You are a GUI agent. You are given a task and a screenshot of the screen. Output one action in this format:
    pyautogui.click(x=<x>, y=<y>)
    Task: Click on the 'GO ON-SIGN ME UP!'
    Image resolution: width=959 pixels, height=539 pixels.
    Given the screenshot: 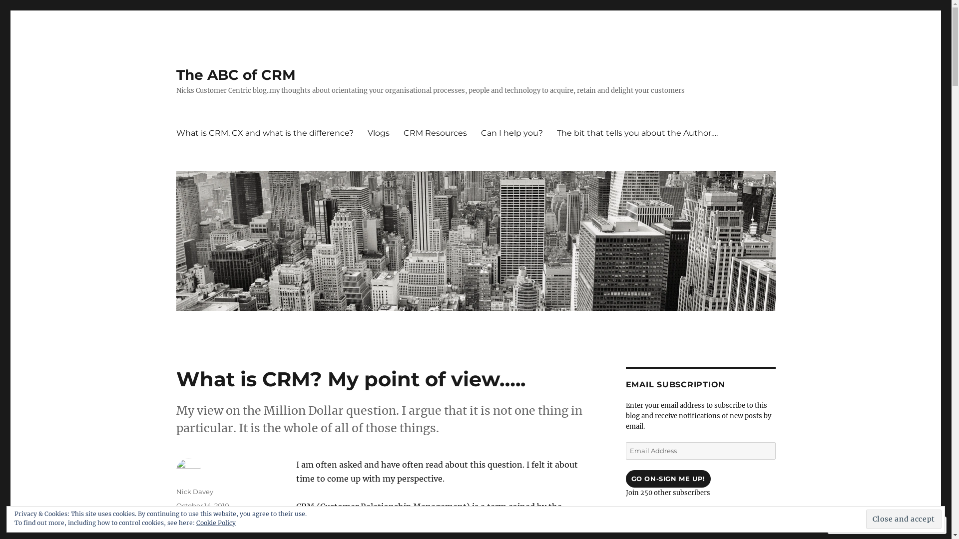 What is the action you would take?
    pyautogui.click(x=625, y=478)
    